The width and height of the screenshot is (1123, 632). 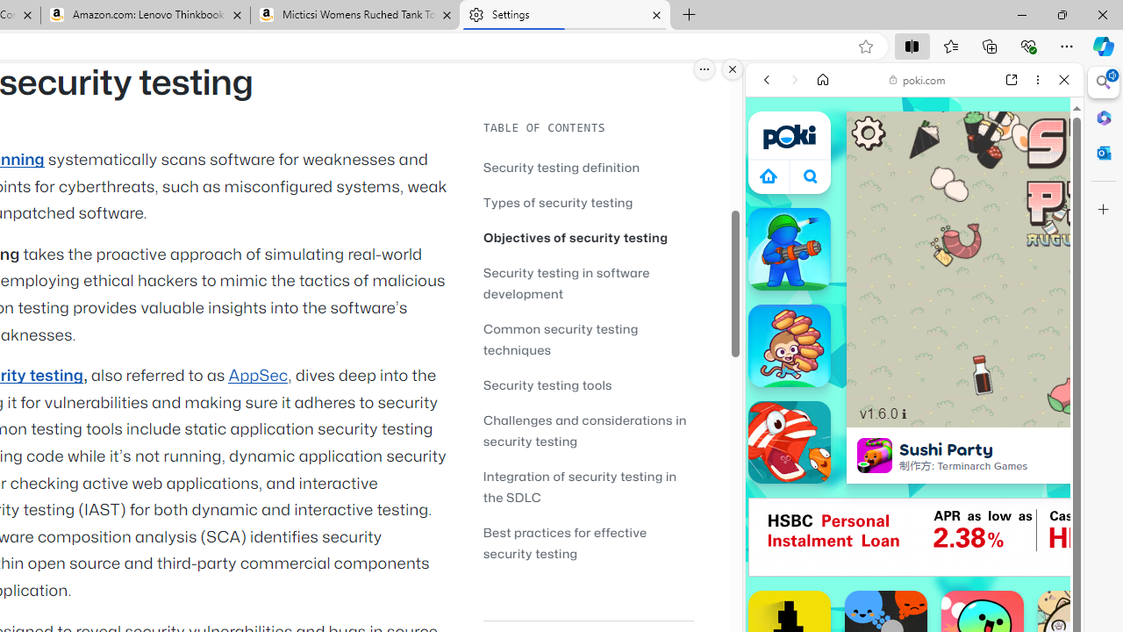 What do you see at coordinates (561, 167) in the screenshot?
I see `'Security testing definition'` at bounding box center [561, 167].